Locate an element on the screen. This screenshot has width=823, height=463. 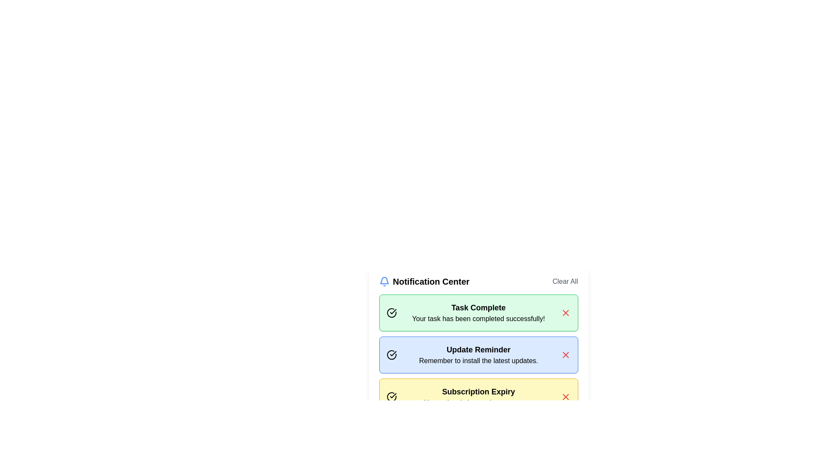
the completion icon located at the top-left corner of the green notification card titled 'Task Complete' is located at coordinates (391, 313).